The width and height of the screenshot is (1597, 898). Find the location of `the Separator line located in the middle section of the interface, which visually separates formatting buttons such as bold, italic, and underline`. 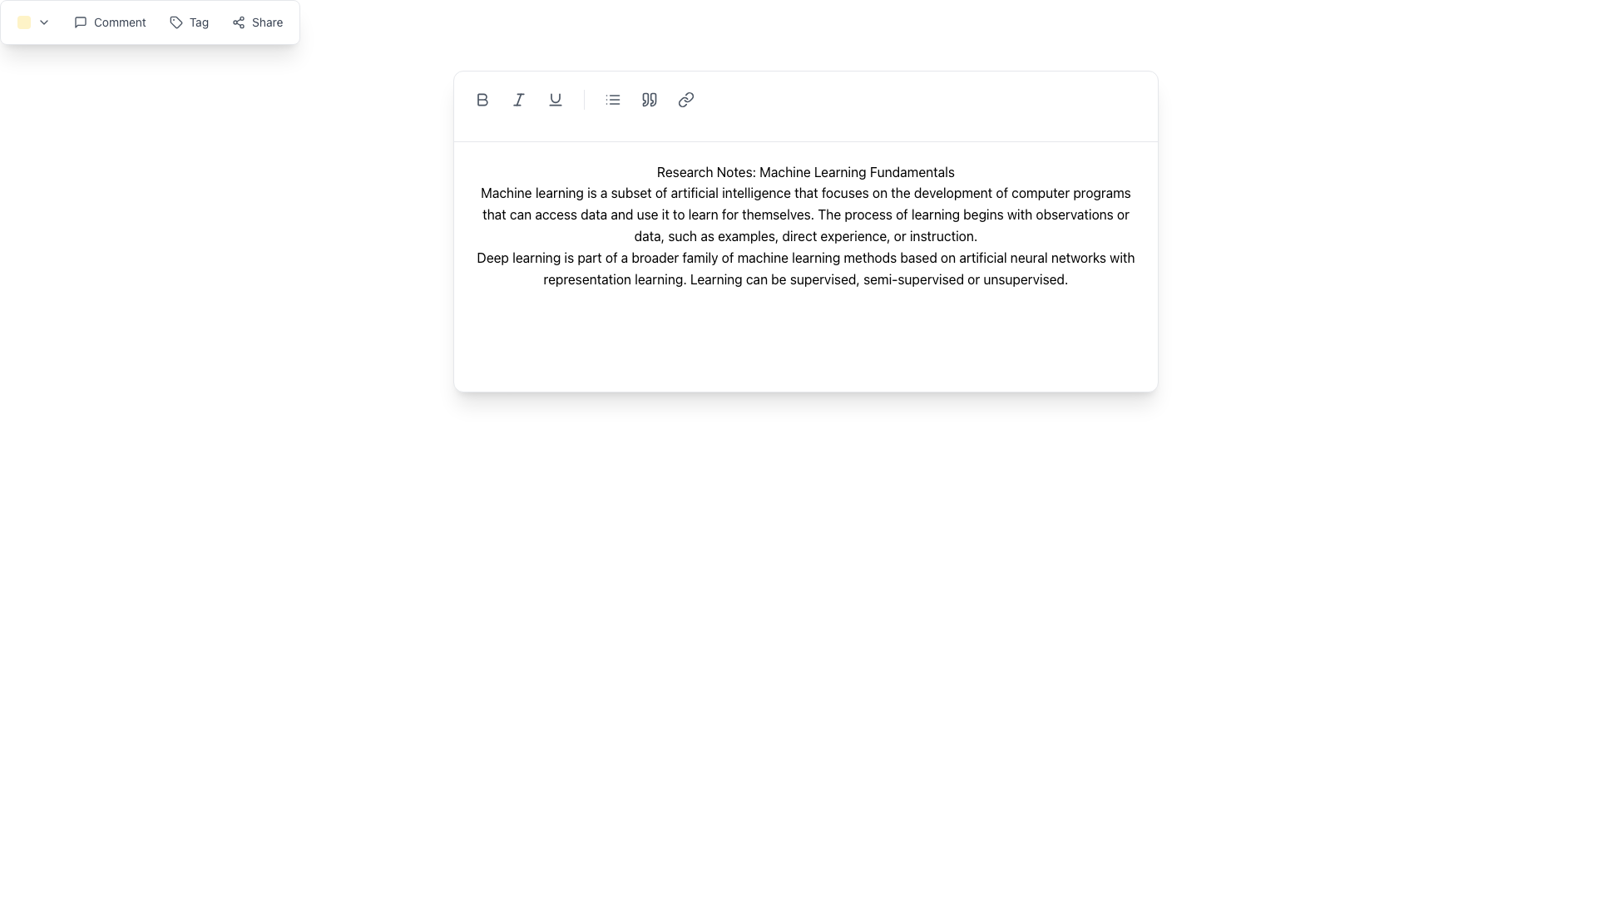

the Separator line located in the middle section of the interface, which visually separates formatting buttons such as bold, italic, and underline is located at coordinates (584, 99).